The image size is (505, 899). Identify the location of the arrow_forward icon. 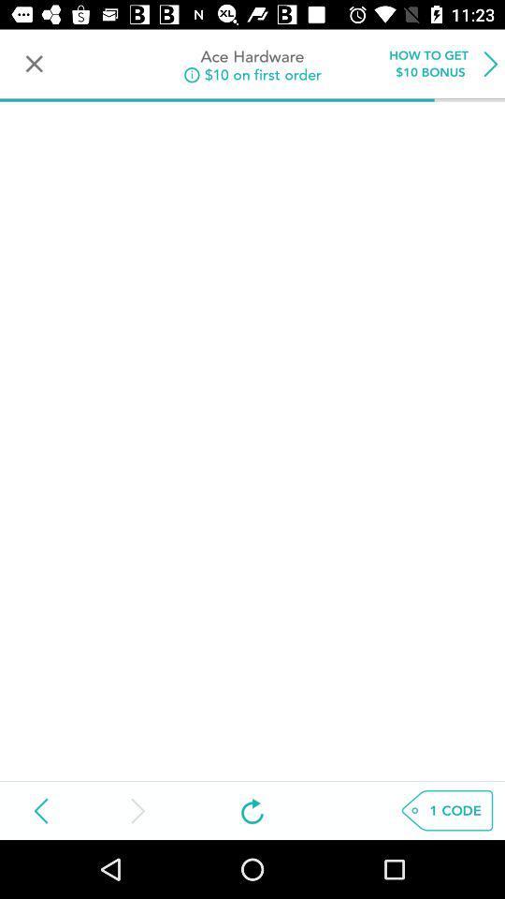
(136, 809).